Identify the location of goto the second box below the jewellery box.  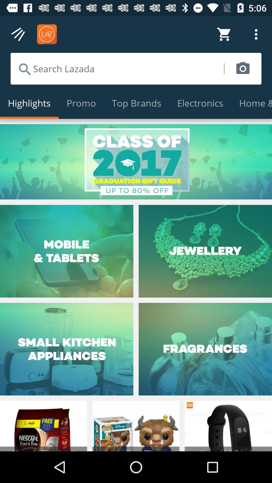
(205, 349).